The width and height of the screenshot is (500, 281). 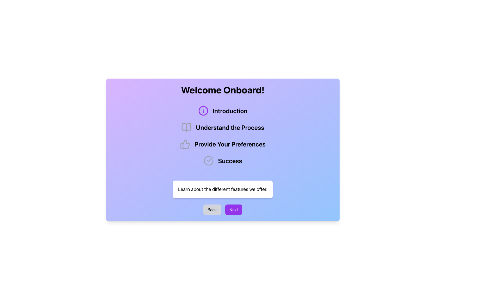 What do you see at coordinates (230, 127) in the screenshot?
I see `the bold text 'Understand the Process' to highlight or select the step in the vertical list of steps` at bounding box center [230, 127].